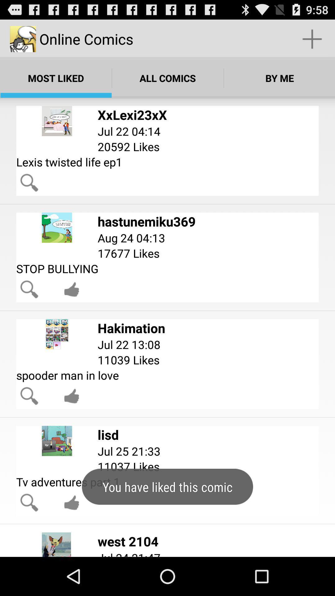 Image resolution: width=335 pixels, height=596 pixels. Describe the element at coordinates (29, 182) in the screenshot. I see `search user` at that location.